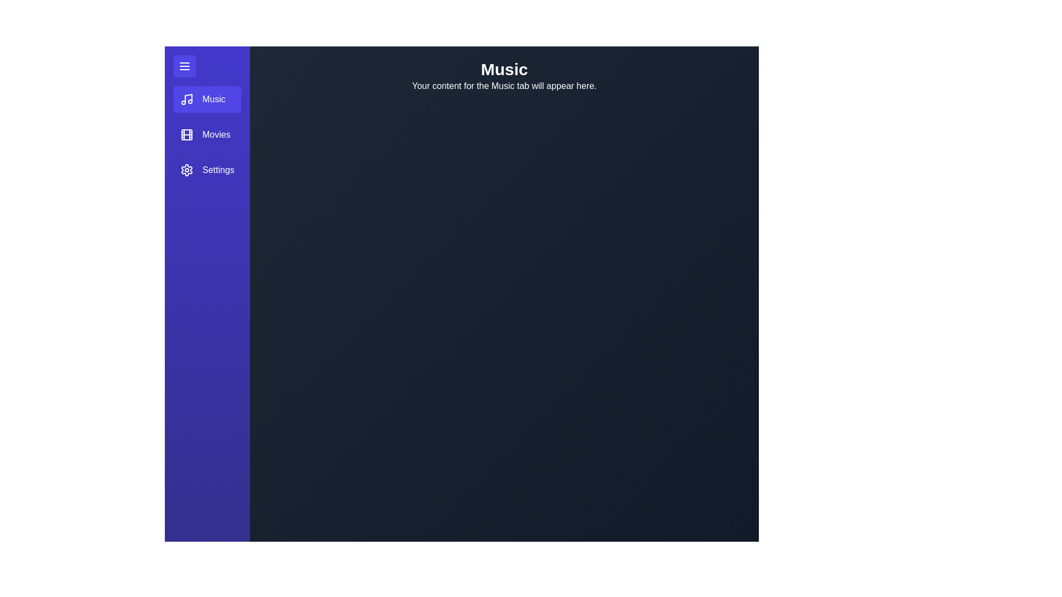  Describe the element at coordinates (207, 134) in the screenshot. I see `the menu item Movies to observe its hover effect` at that location.